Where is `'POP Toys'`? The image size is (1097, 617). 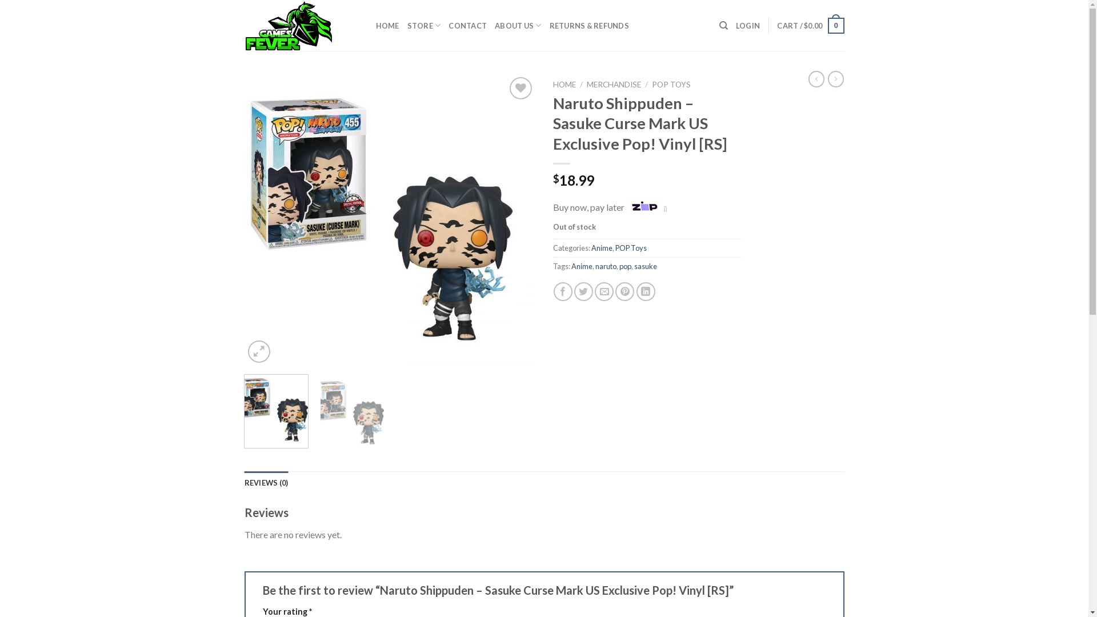
'POP Toys' is located at coordinates (630, 247).